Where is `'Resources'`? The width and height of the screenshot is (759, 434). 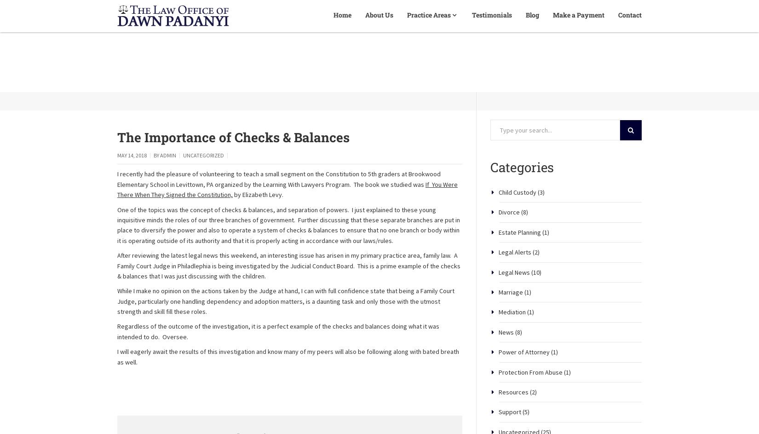
'Resources' is located at coordinates (513, 423).